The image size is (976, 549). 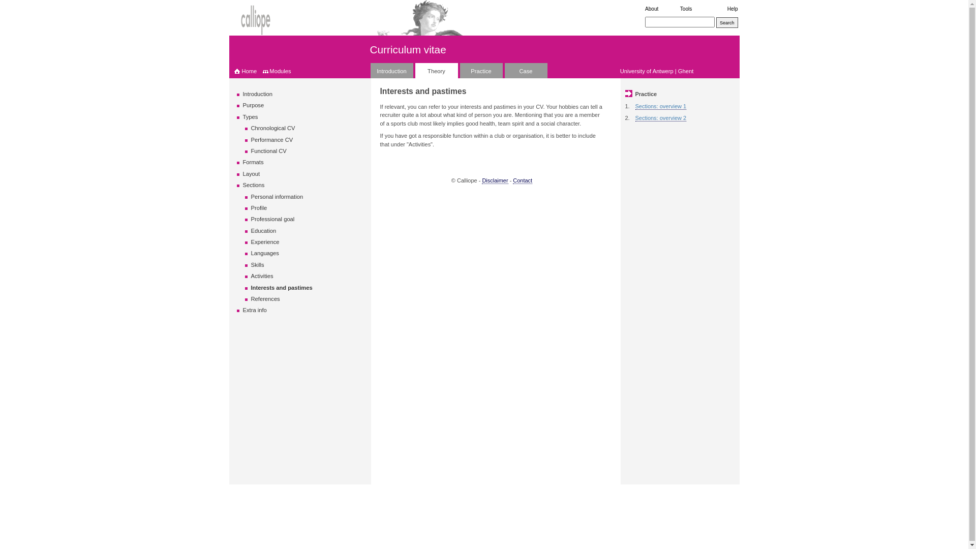 What do you see at coordinates (733, 9) in the screenshot?
I see `'Help'` at bounding box center [733, 9].